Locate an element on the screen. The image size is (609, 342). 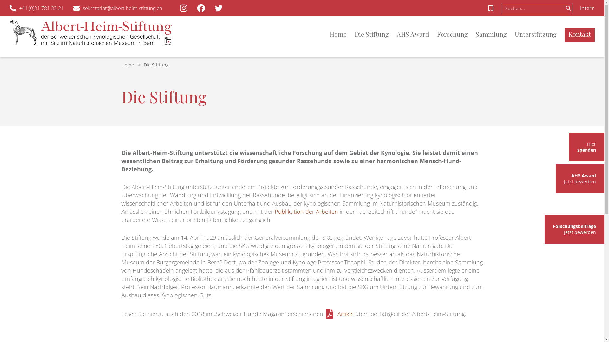
'Sammlung' is located at coordinates (475, 35).